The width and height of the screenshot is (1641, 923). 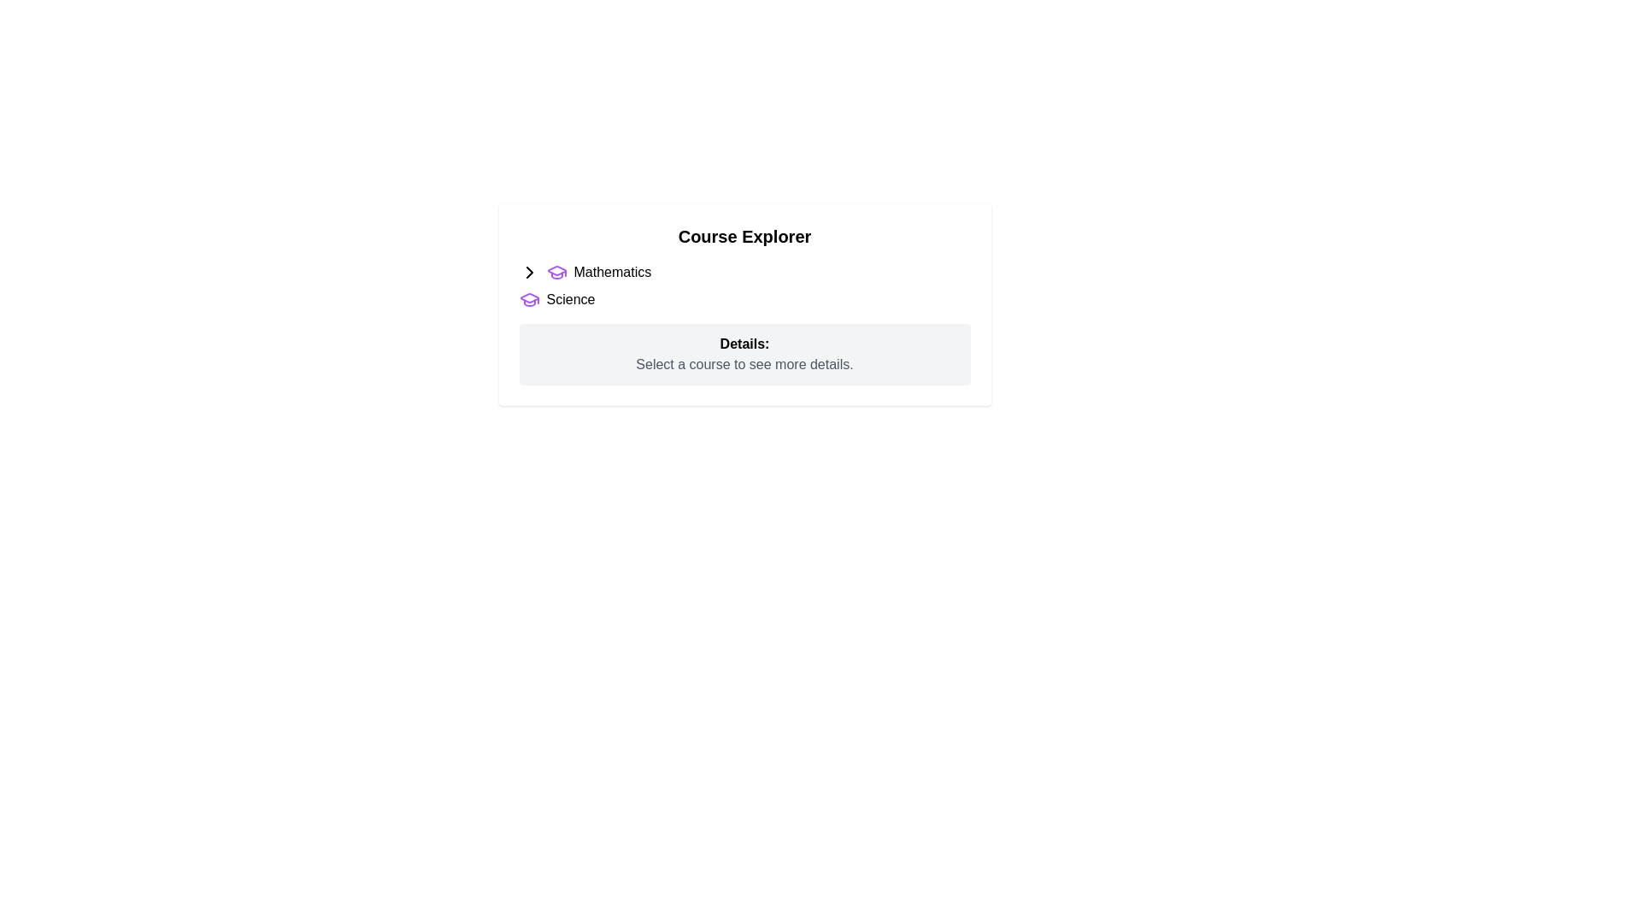 I want to click on the Label that introduces the associated content, located within a light gray, rounded rectangle at the bottom of the main content section, above the text 'Select a course, so click(x=744, y=344).